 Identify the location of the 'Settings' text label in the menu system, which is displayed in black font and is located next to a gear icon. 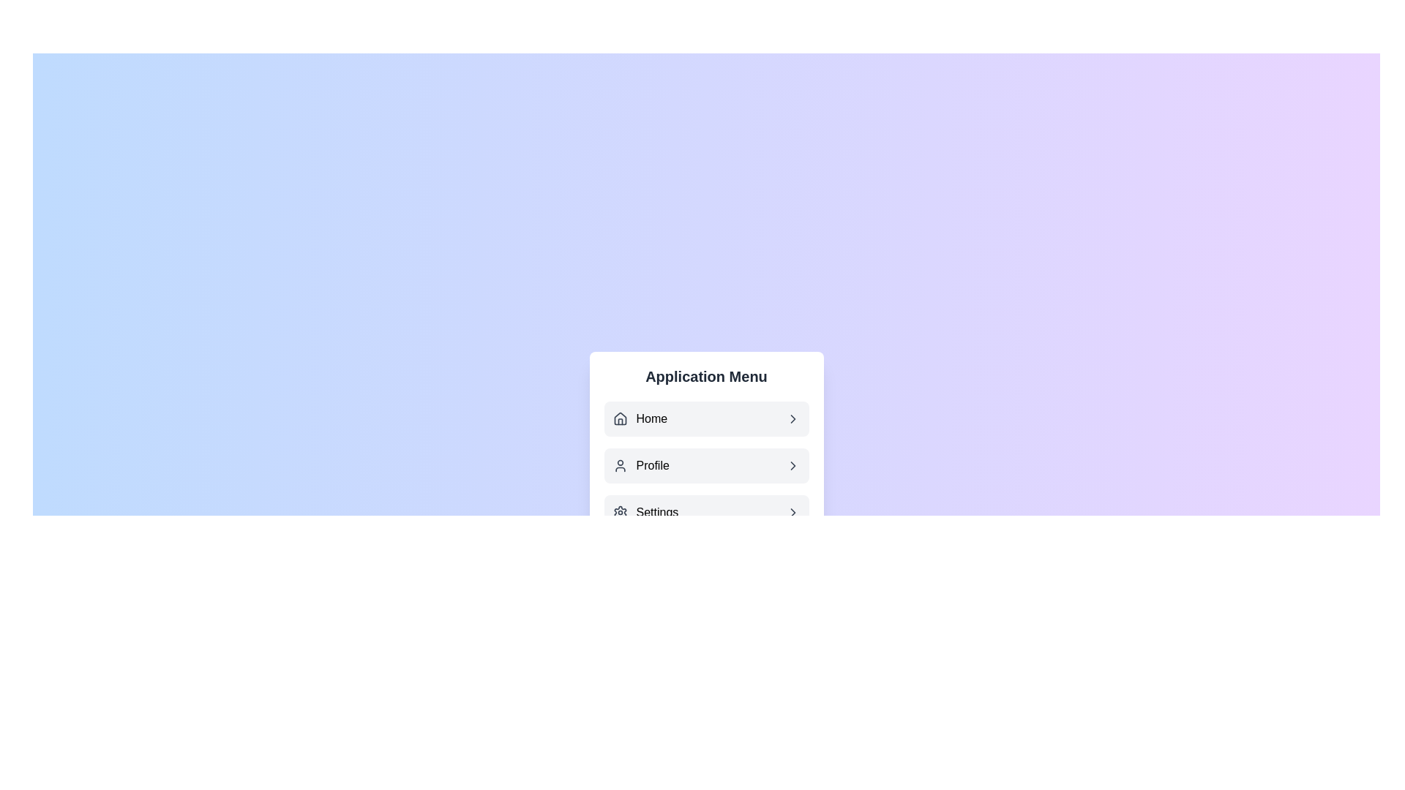
(656, 512).